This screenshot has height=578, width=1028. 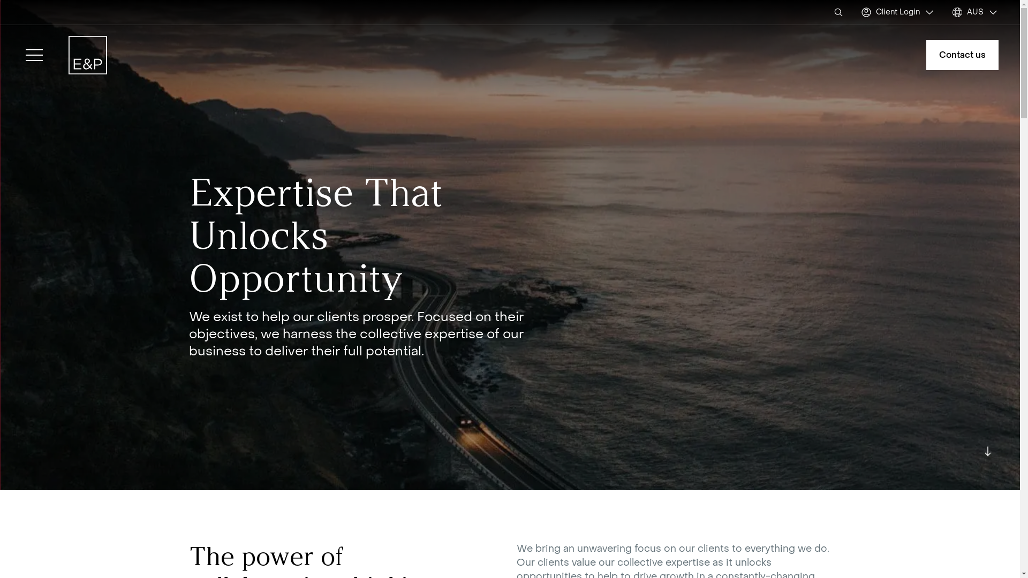 What do you see at coordinates (925, 55) in the screenshot?
I see `'Contact us'` at bounding box center [925, 55].